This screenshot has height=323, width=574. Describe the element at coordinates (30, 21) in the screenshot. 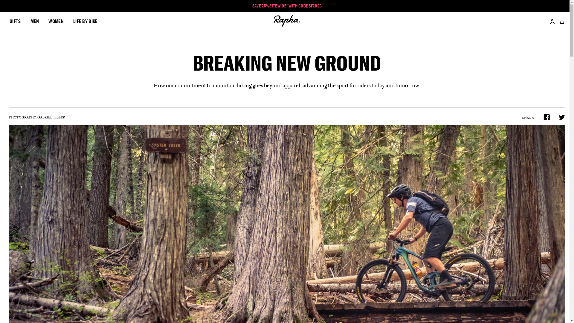

I see `'MEN'` at that location.